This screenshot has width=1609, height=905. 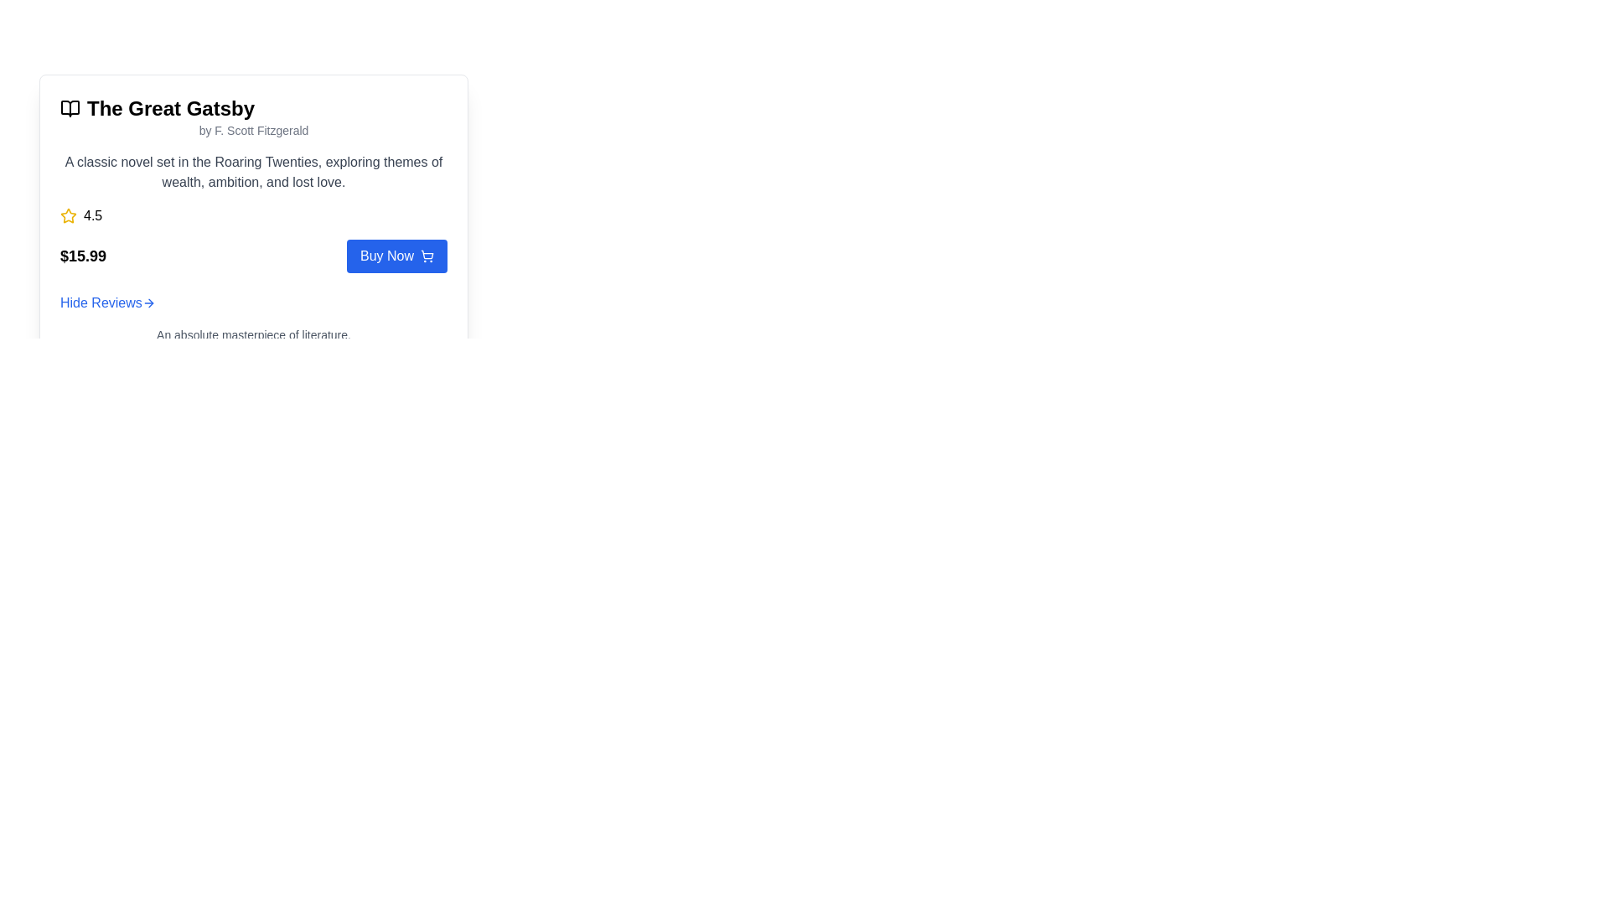 I want to click on the text label that reads 'A classic novel set in the Roaring Twenties, exploring themes of wealth, ambition, and lost love.' located within the card for 'The Great Gatsby', so click(x=252, y=172).